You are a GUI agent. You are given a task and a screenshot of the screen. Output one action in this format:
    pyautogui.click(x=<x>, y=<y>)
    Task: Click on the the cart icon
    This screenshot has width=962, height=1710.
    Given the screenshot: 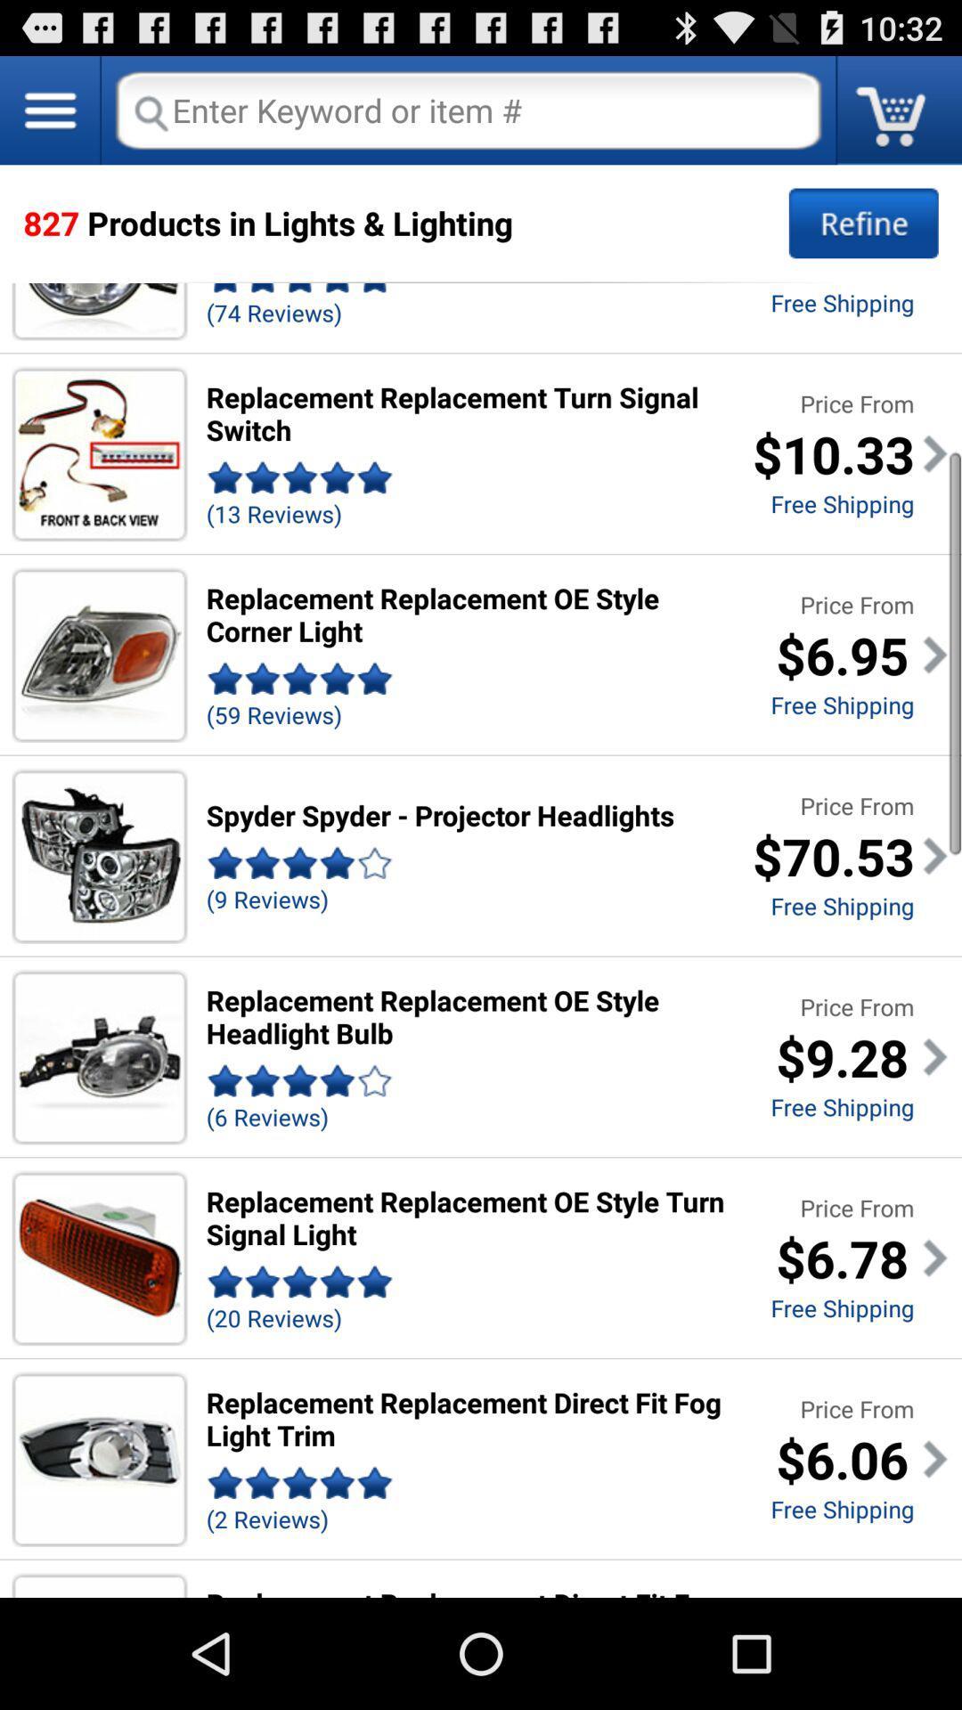 What is the action you would take?
    pyautogui.click(x=899, y=117)
    